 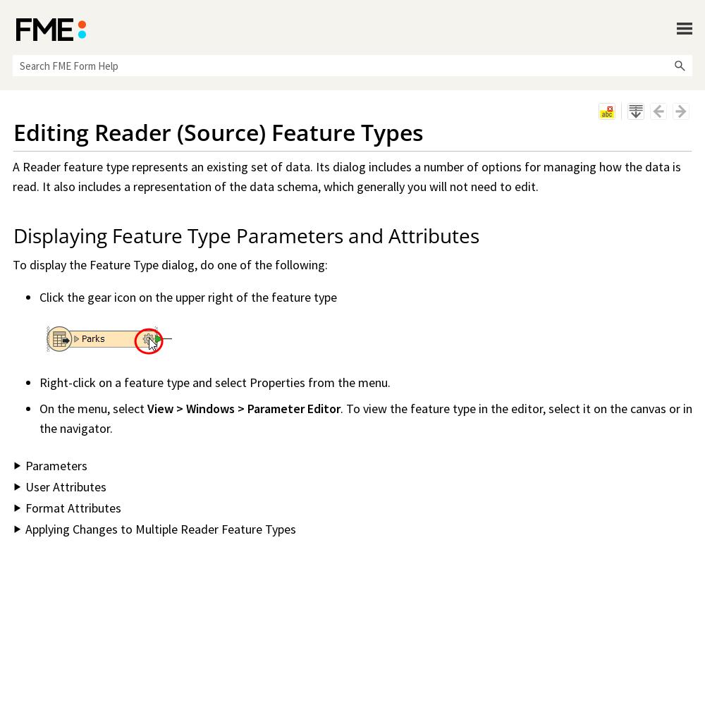 What do you see at coordinates (365, 417) in the screenshot?
I see `'. To view the feature type in the editor, select it on the canvas or in the navigator.'` at bounding box center [365, 417].